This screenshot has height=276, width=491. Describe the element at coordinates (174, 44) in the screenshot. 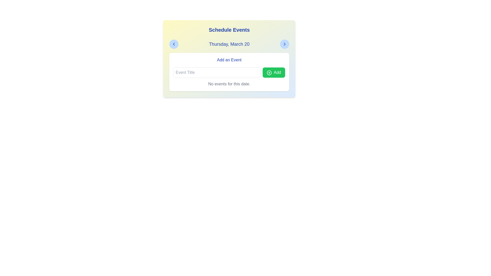

I see `the Chevron Icon within the circular button located in the upper-left corner of the 'Schedule Events' card` at that location.